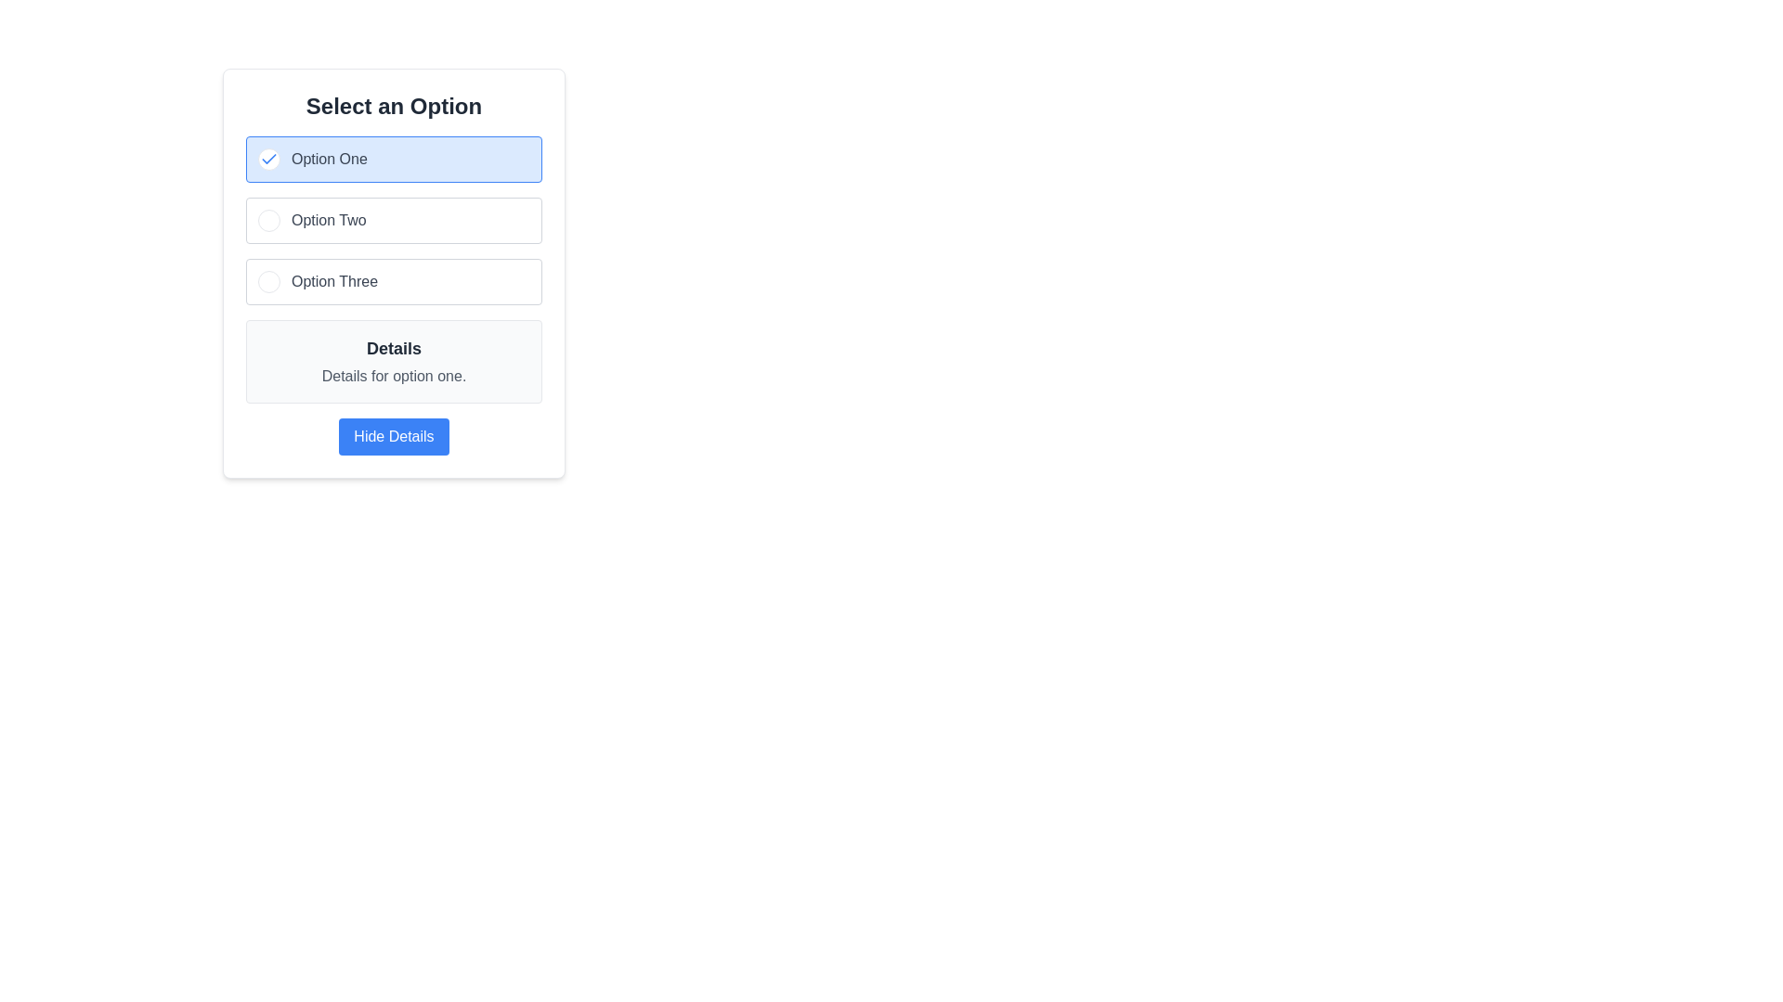 This screenshot has width=1783, height=1002. What do you see at coordinates (267, 159) in the screenshot?
I see `the Checkbox indicator, which is a white circular element with a blue checkmark inside, located within the button labeled 'Option One'` at bounding box center [267, 159].